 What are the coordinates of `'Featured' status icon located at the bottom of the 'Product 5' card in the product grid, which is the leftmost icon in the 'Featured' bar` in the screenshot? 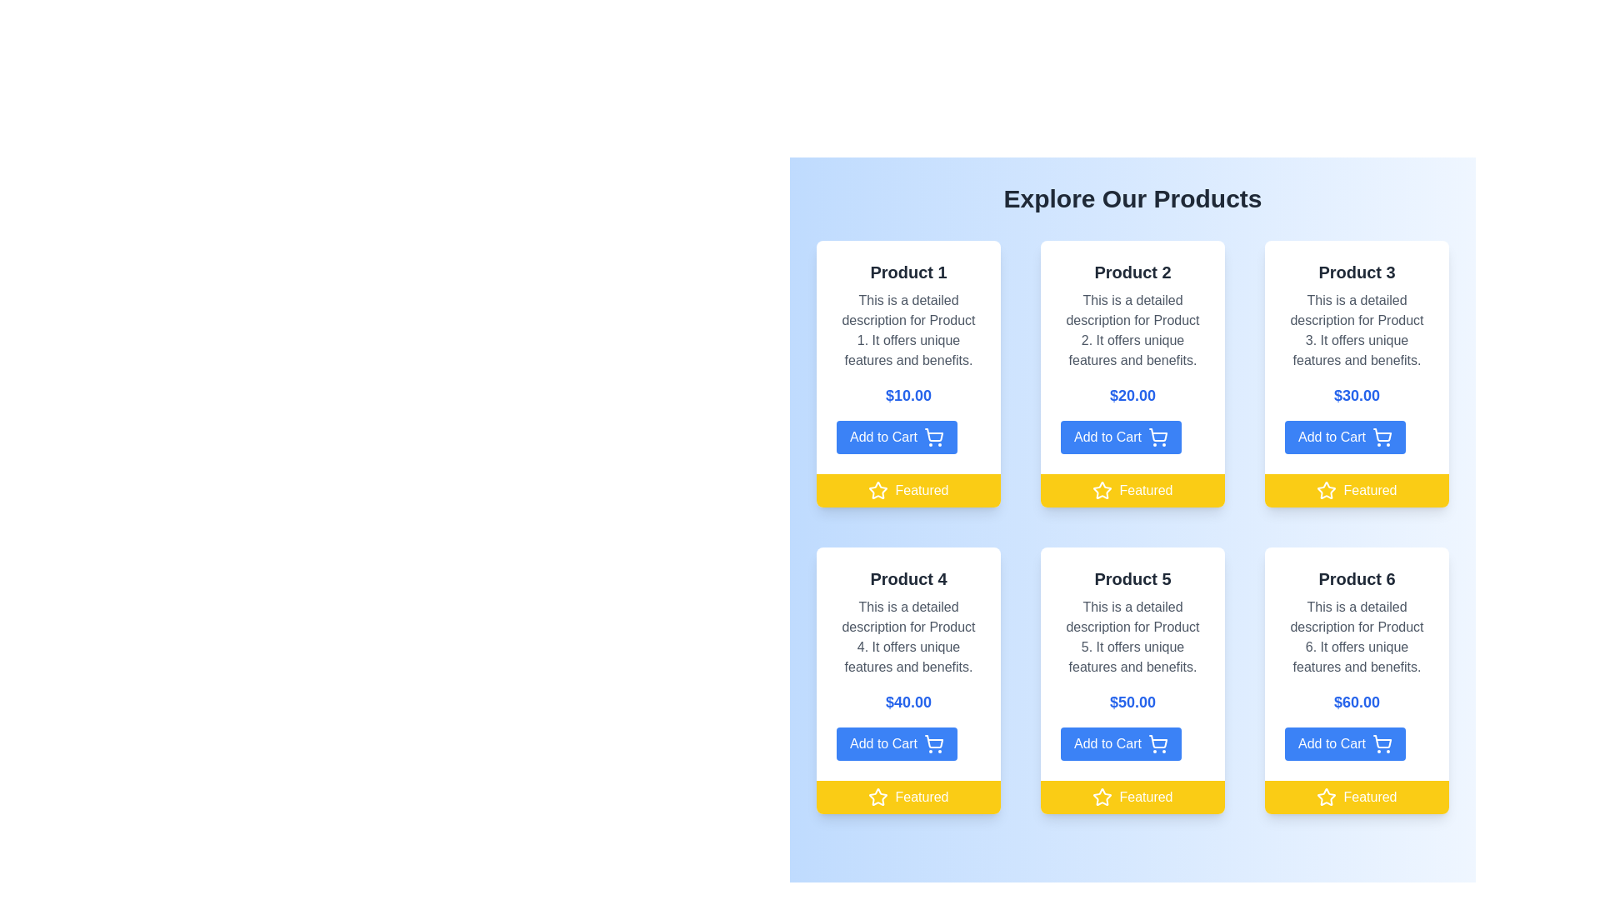 It's located at (1102, 796).